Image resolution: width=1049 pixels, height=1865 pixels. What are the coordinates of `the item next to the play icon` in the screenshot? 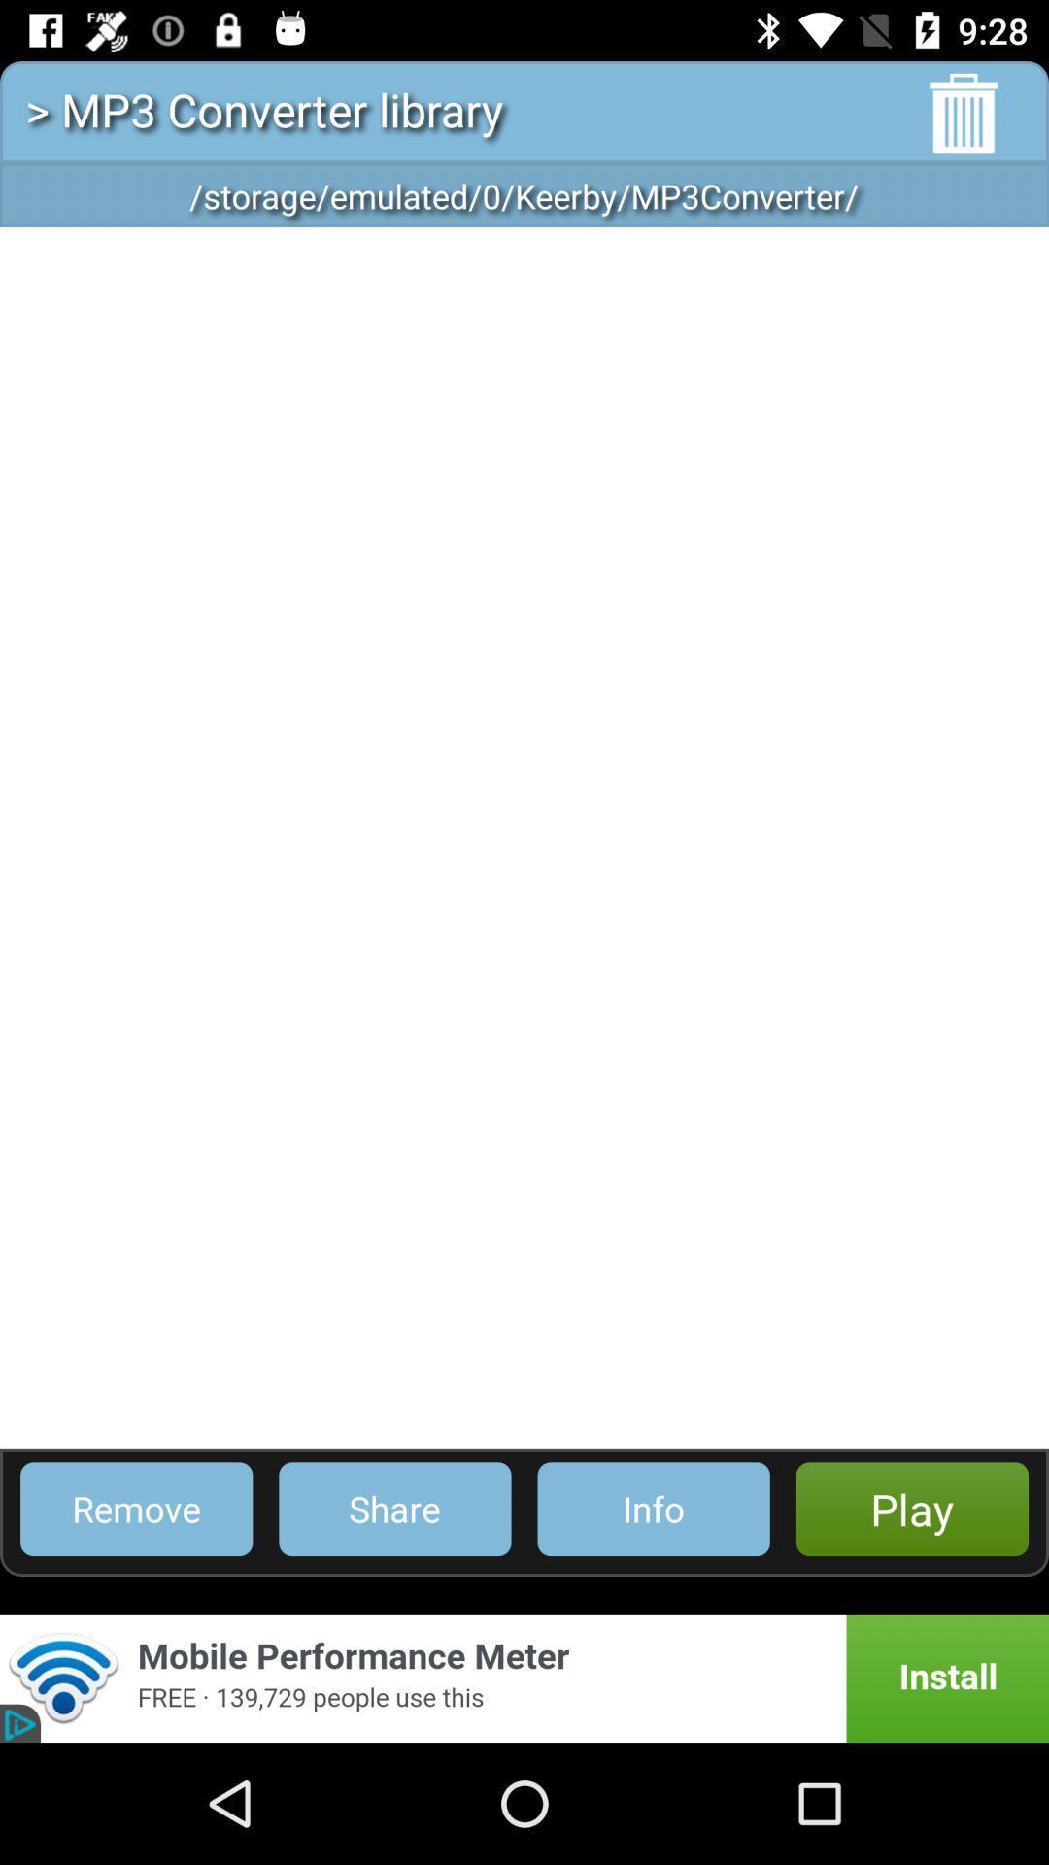 It's located at (654, 1508).